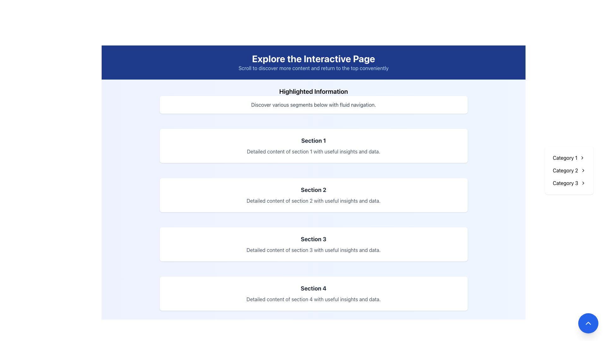  I want to click on the gray text element that reads 'Discover various segments below with fluid navigation.' located centrally below the header 'Highlighted Information.', so click(313, 104).